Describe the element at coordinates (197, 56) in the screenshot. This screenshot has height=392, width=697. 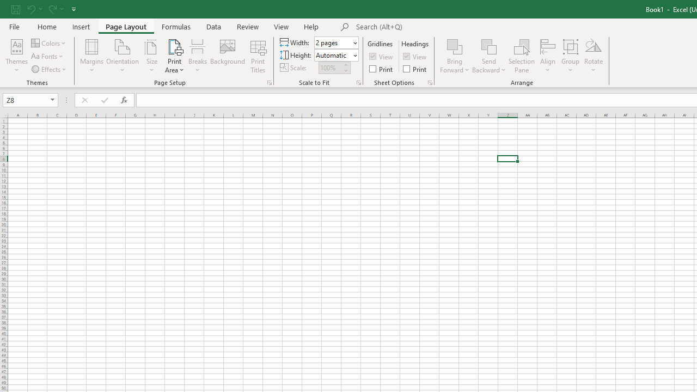
I see `'Breaks'` at that location.